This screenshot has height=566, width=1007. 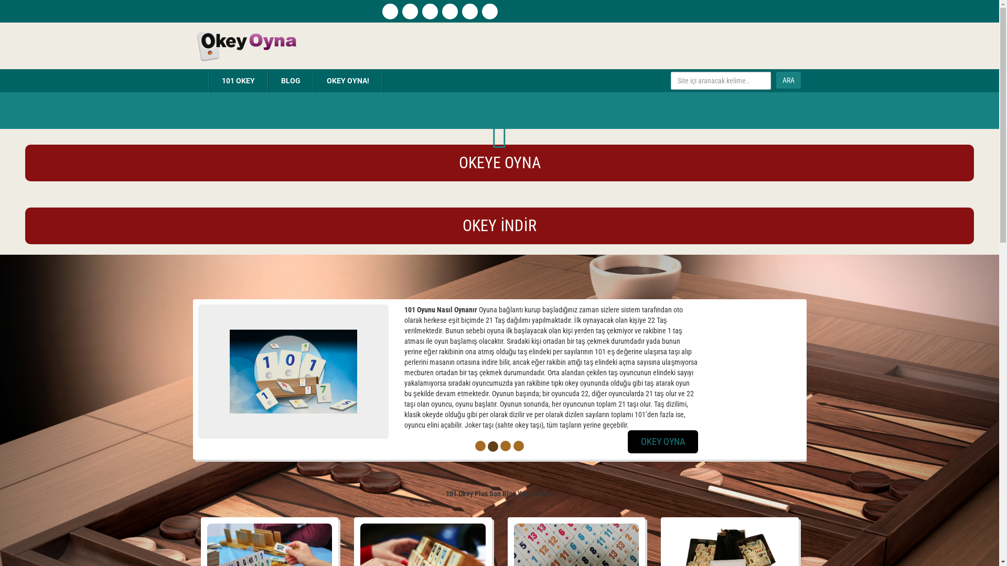 I want to click on 'Facebook'da Biz', so click(x=409, y=12).